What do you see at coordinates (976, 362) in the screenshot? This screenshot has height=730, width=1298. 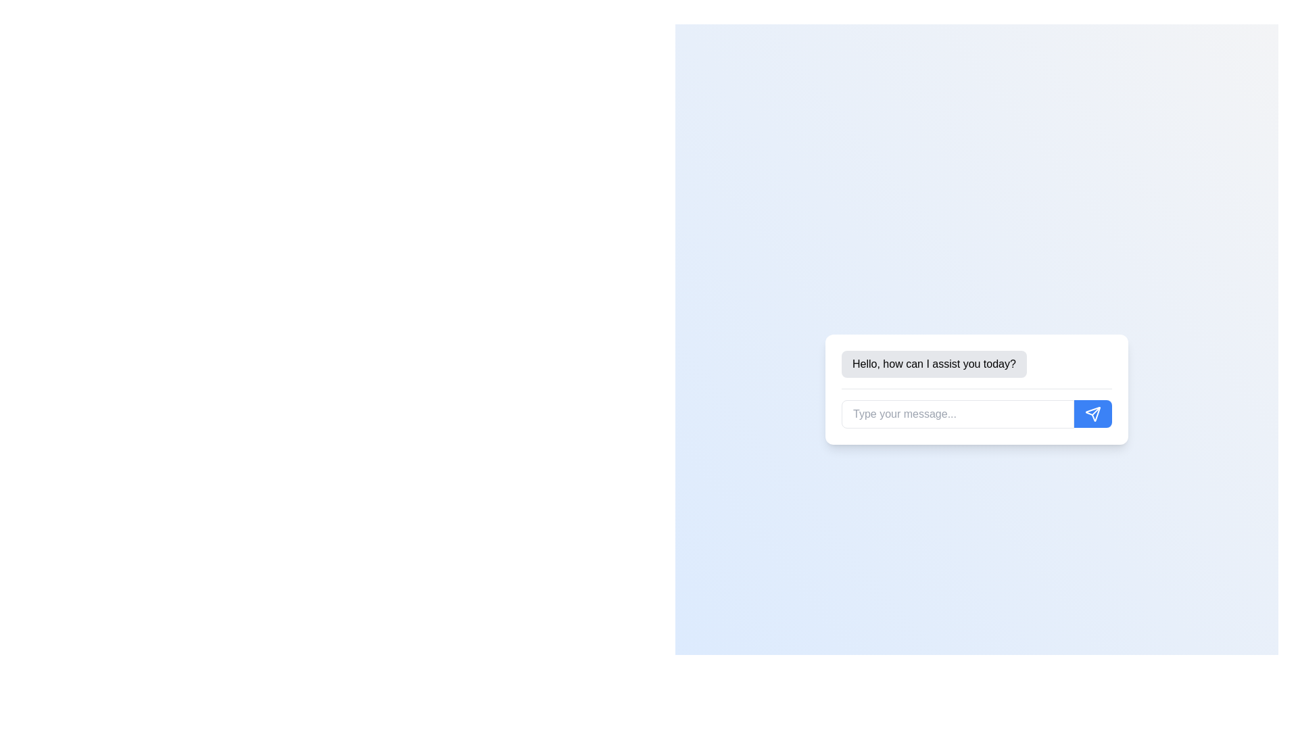 I see `the text label displaying 'Hello, how can I assist you today?' which is styled with a light gray background and located at the top of the chat interface` at bounding box center [976, 362].